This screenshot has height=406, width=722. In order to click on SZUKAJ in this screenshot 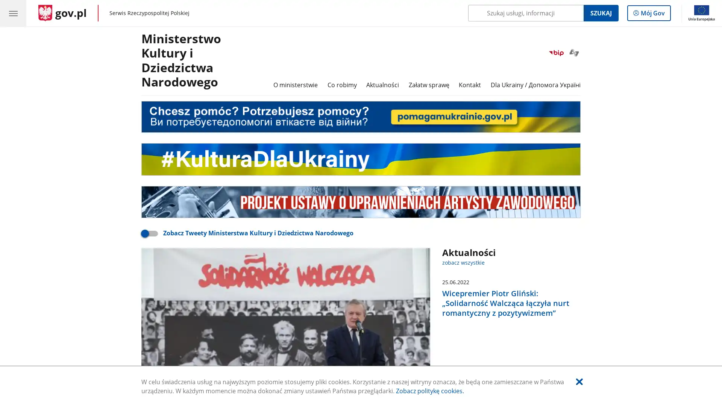, I will do `click(600, 13)`.